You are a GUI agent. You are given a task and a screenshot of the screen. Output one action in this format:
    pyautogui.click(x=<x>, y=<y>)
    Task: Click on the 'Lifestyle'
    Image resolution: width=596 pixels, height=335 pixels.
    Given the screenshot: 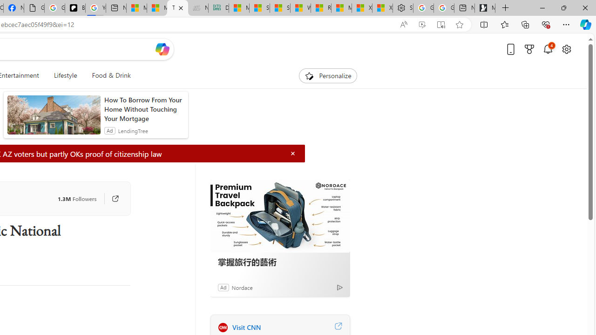 What is the action you would take?
    pyautogui.click(x=65, y=75)
    